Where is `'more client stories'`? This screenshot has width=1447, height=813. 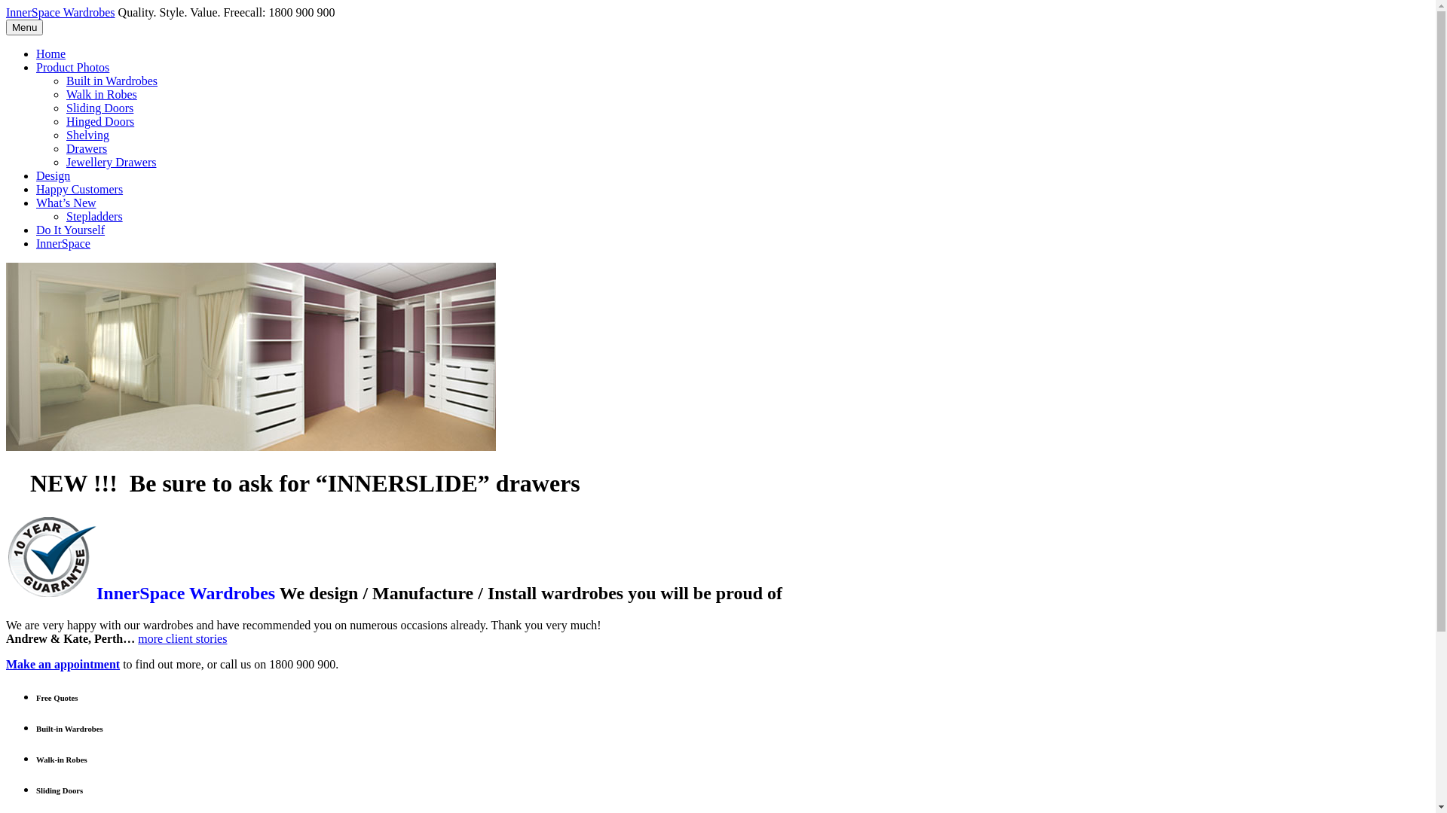 'more client stories' is located at coordinates (181, 638).